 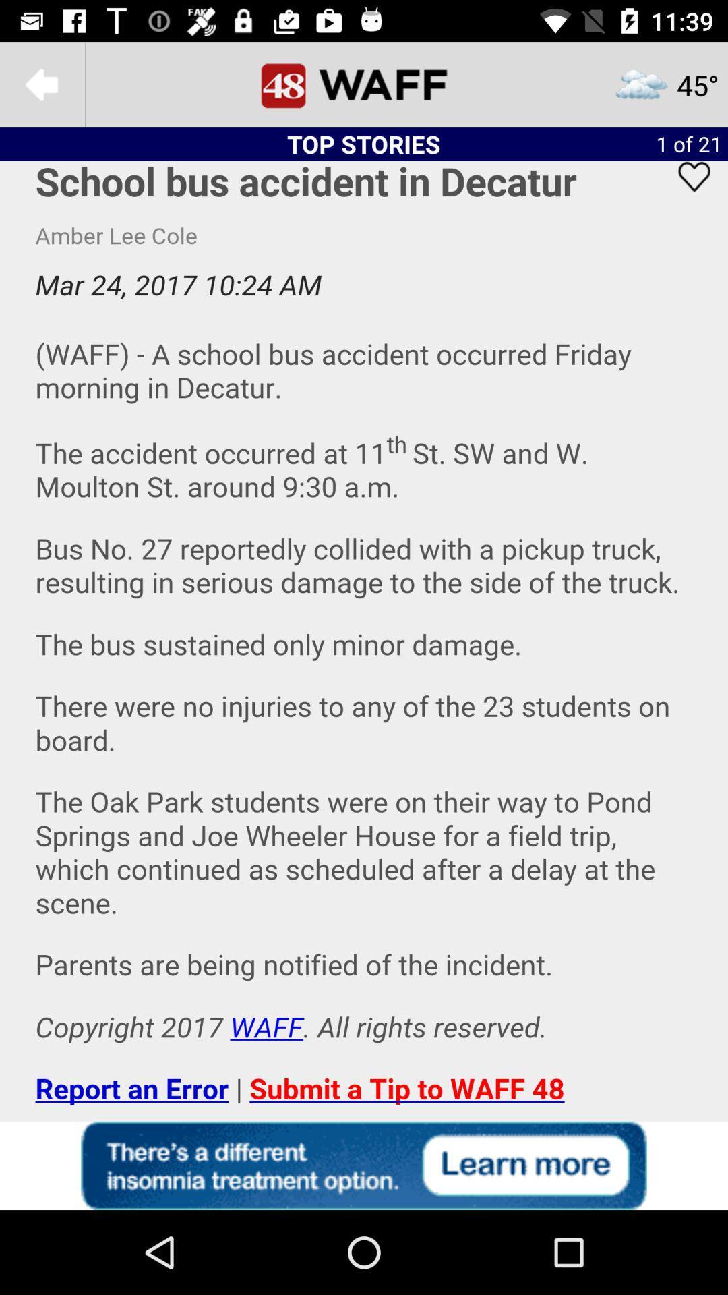 I want to click on article, so click(x=686, y=194).